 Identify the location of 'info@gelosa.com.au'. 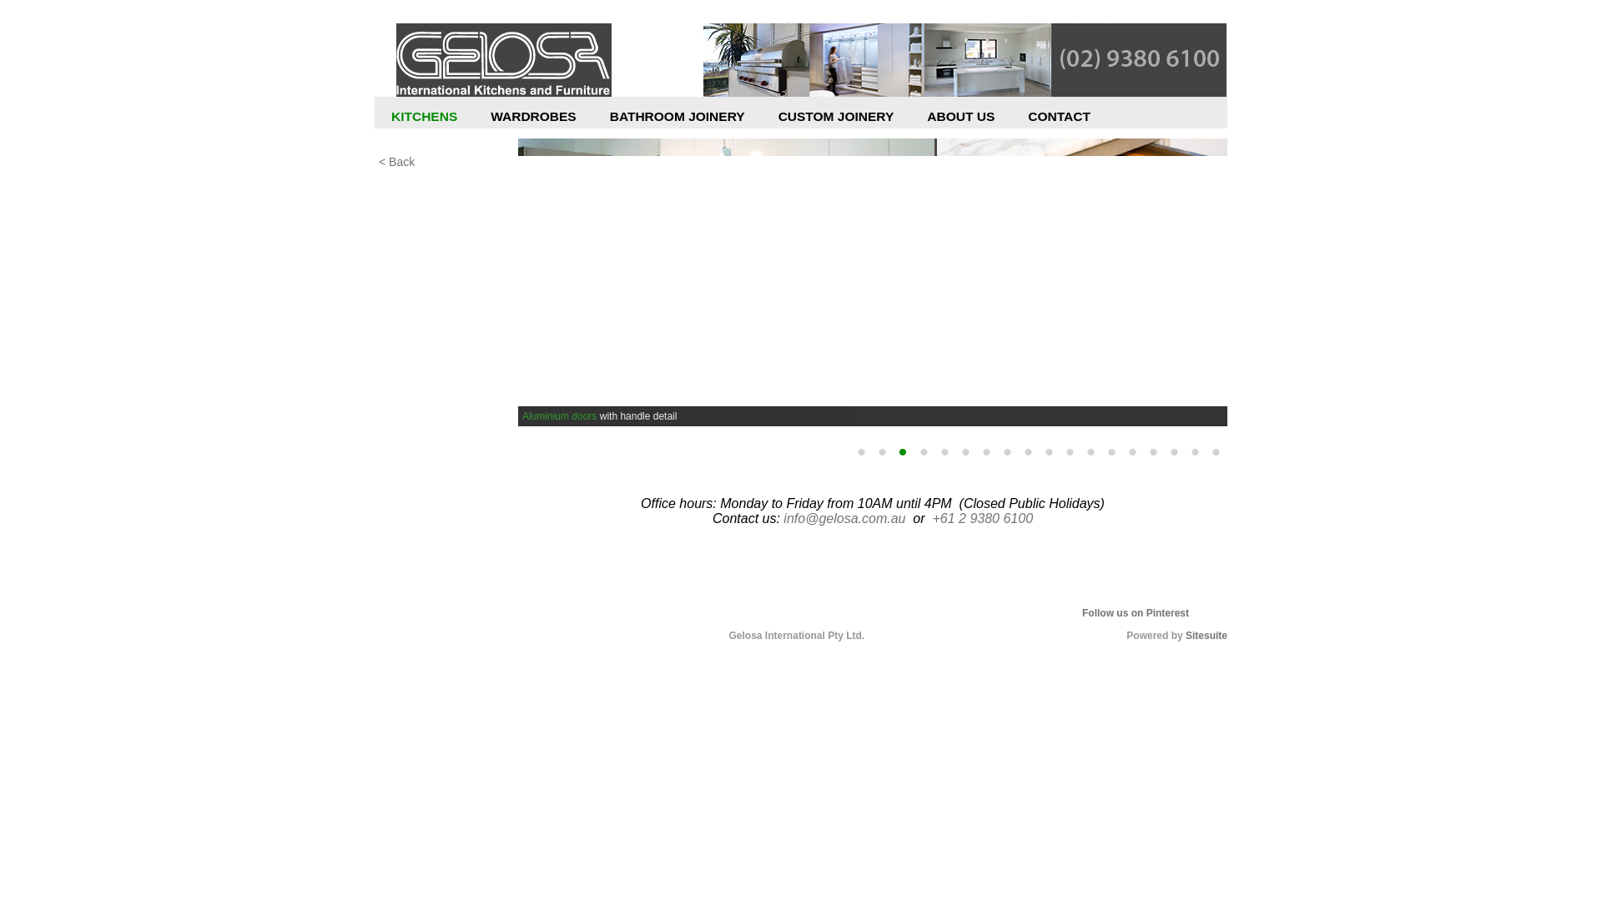
(844, 517).